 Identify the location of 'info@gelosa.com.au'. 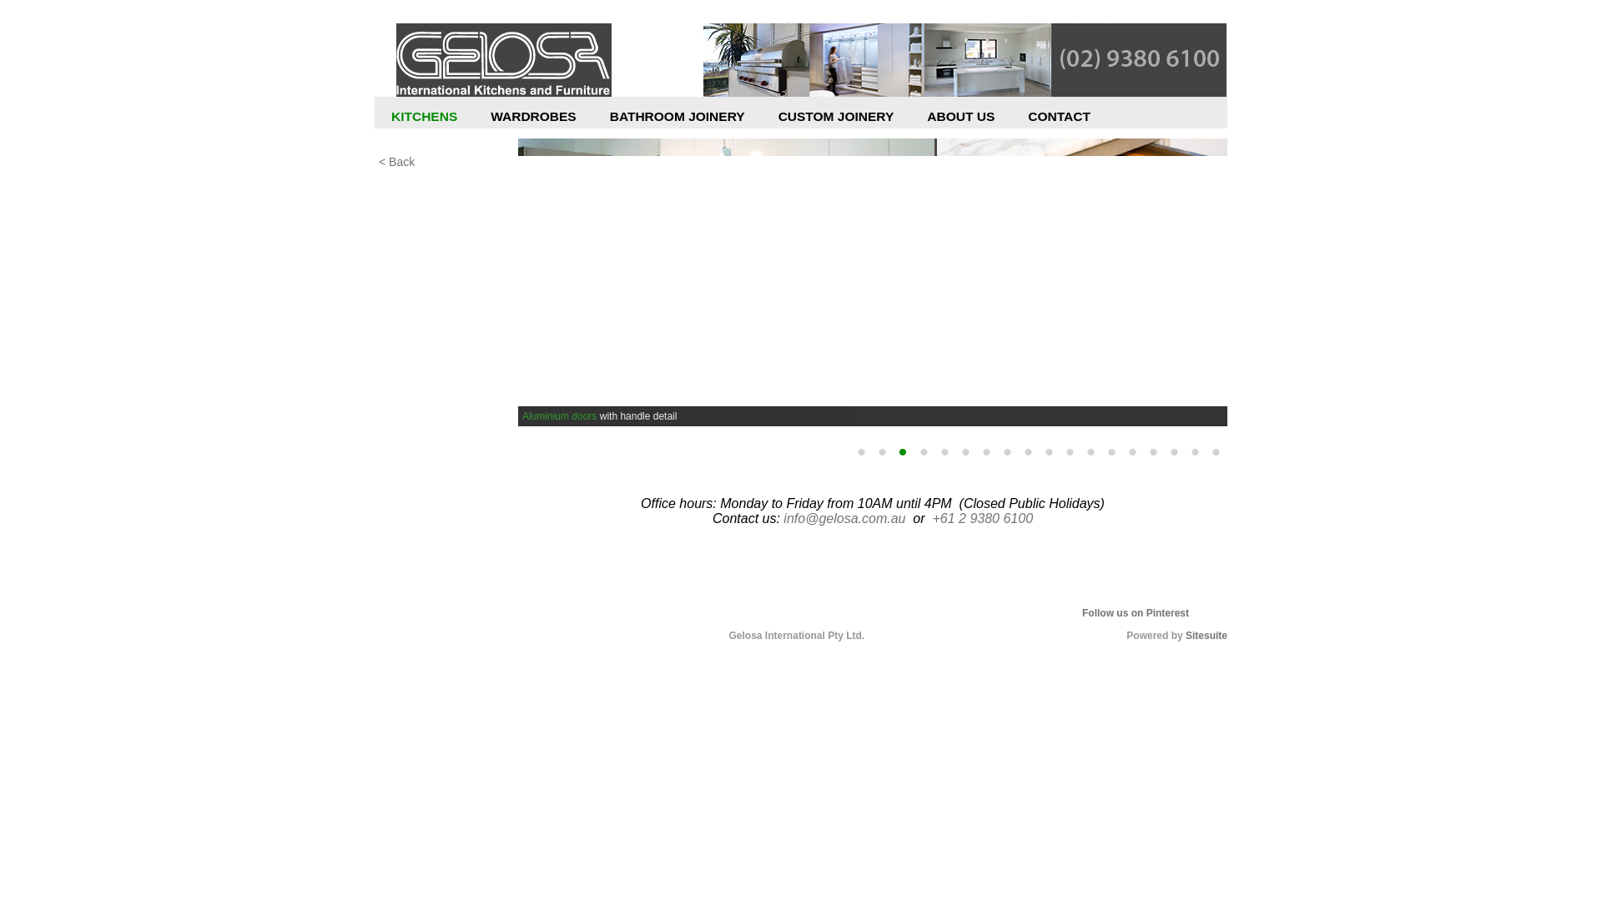
(844, 517).